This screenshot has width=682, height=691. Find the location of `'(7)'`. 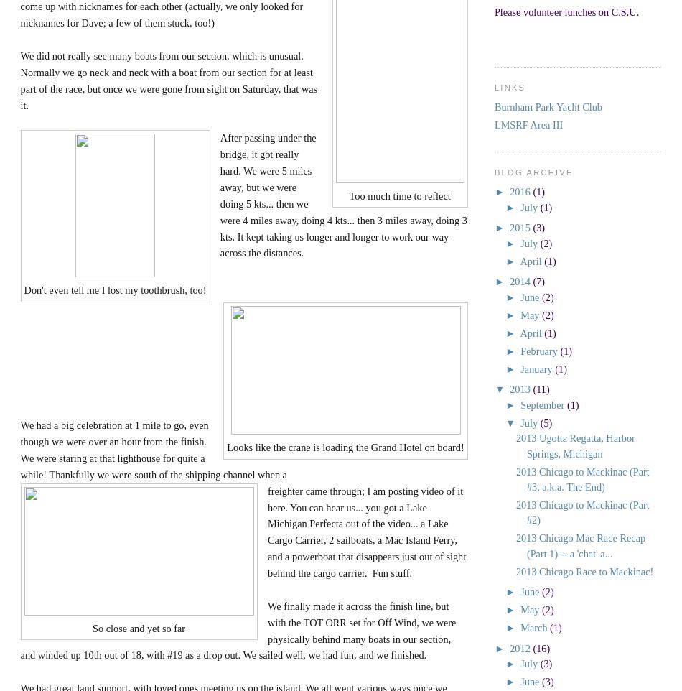

'(7)' is located at coordinates (532, 281).